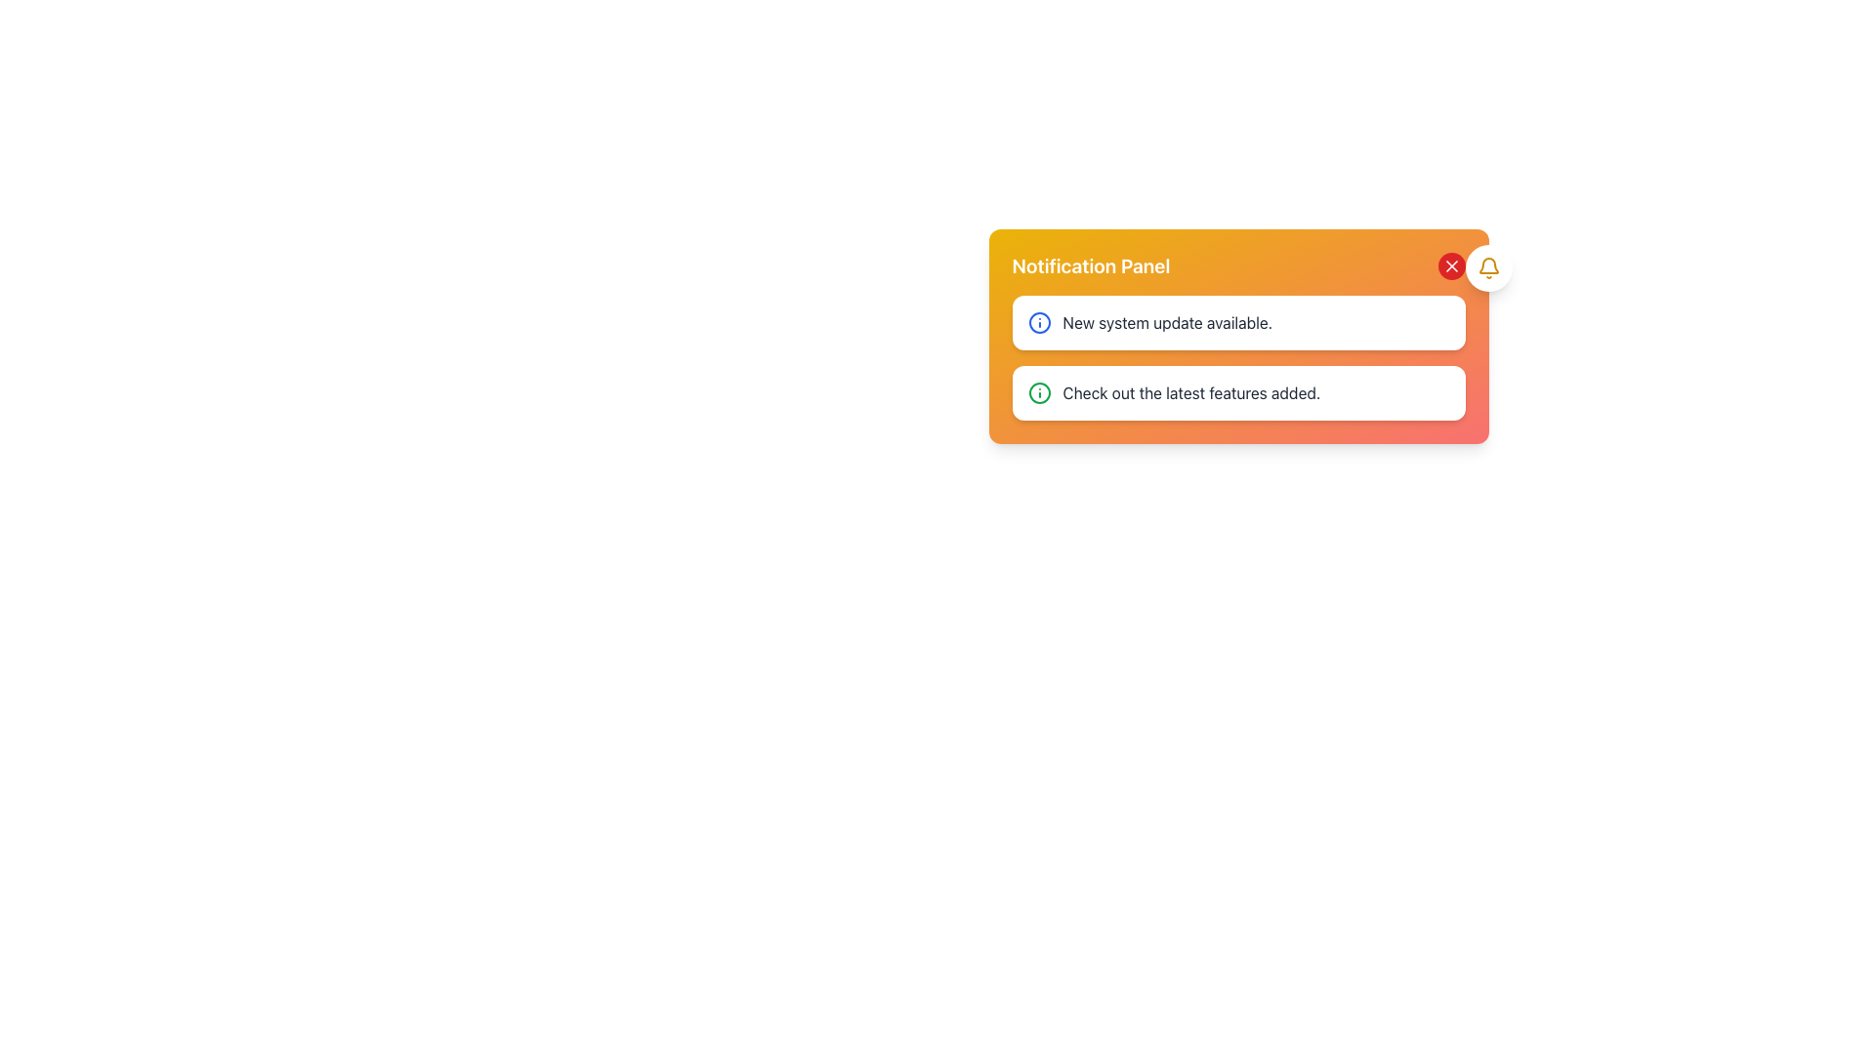  I want to click on the text label that reads 'New system update available.' styled in gray color within the notification panel, so click(1167, 322).